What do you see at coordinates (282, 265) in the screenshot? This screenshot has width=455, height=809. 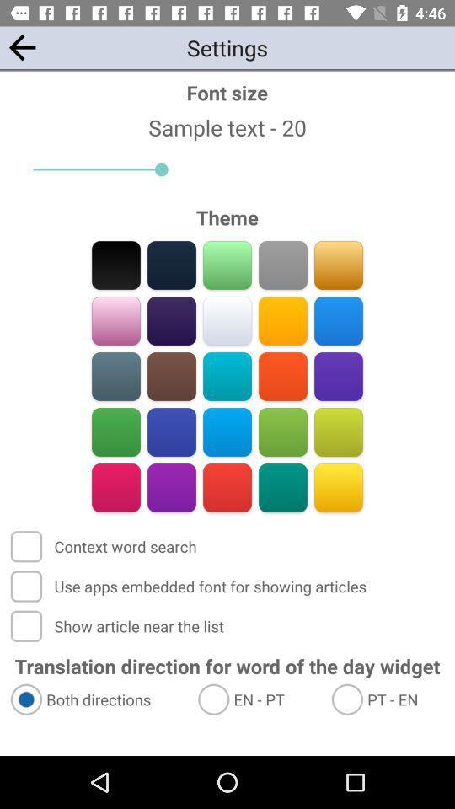 I see `color selection` at bounding box center [282, 265].